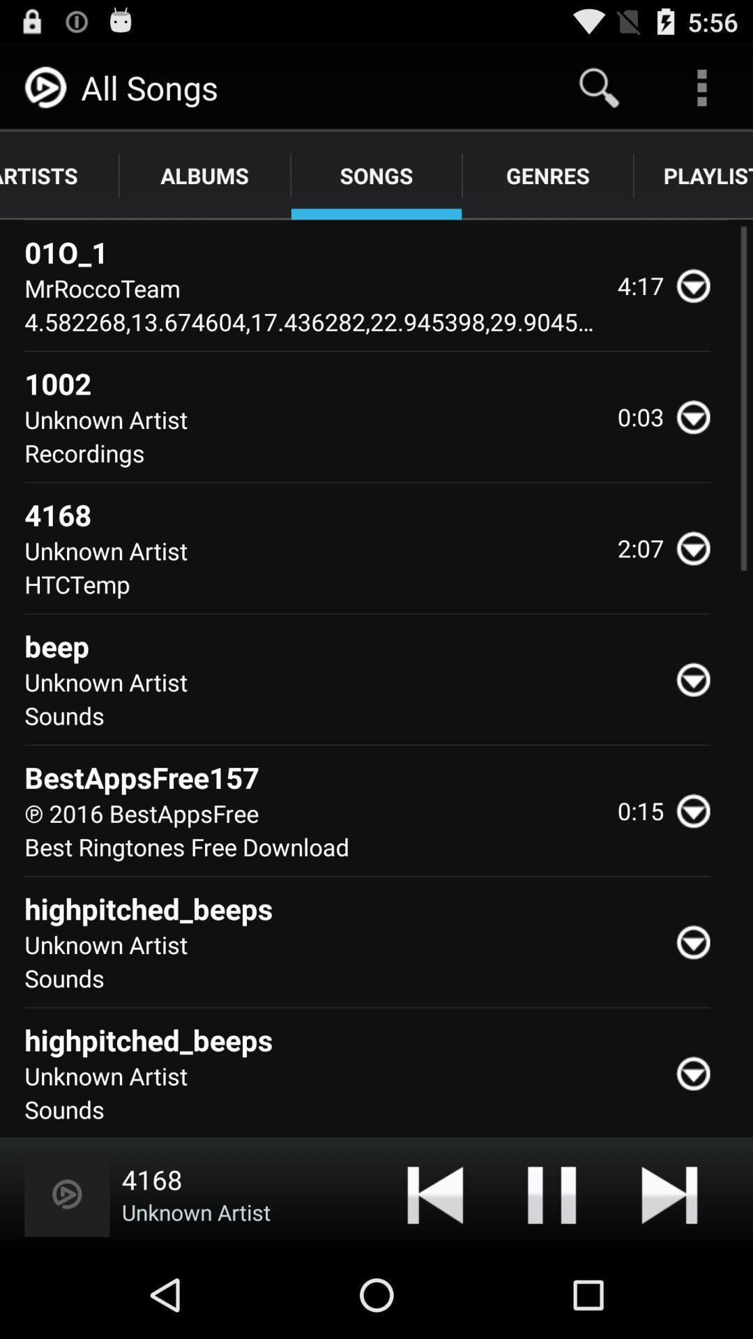 Image resolution: width=753 pixels, height=1339 pixels. What do you see at coordinates (434, 1278) in the screenshot?
I see `the skip_previous icon` at bounding box center [434, 1278].